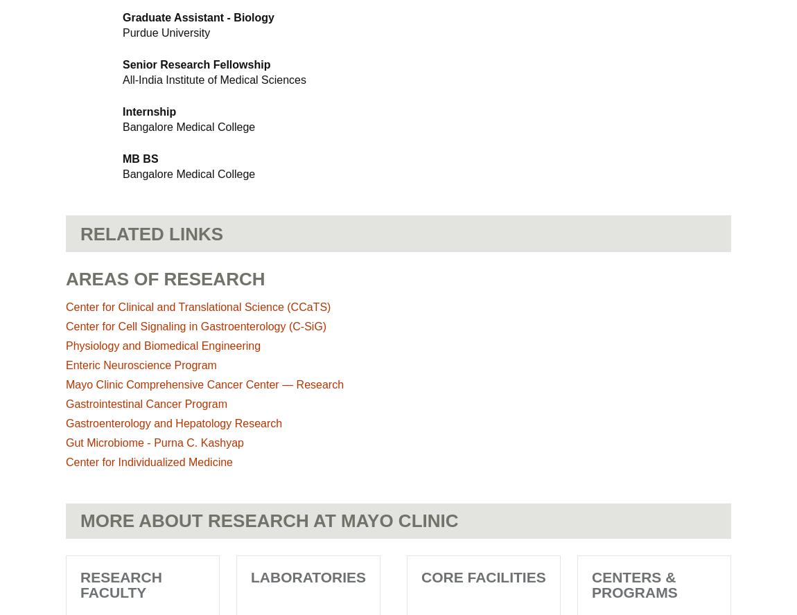 This screenshot has height=615, width=797. I want to click on 'Physiology and Biomedical Engineering', so click(162, 346).